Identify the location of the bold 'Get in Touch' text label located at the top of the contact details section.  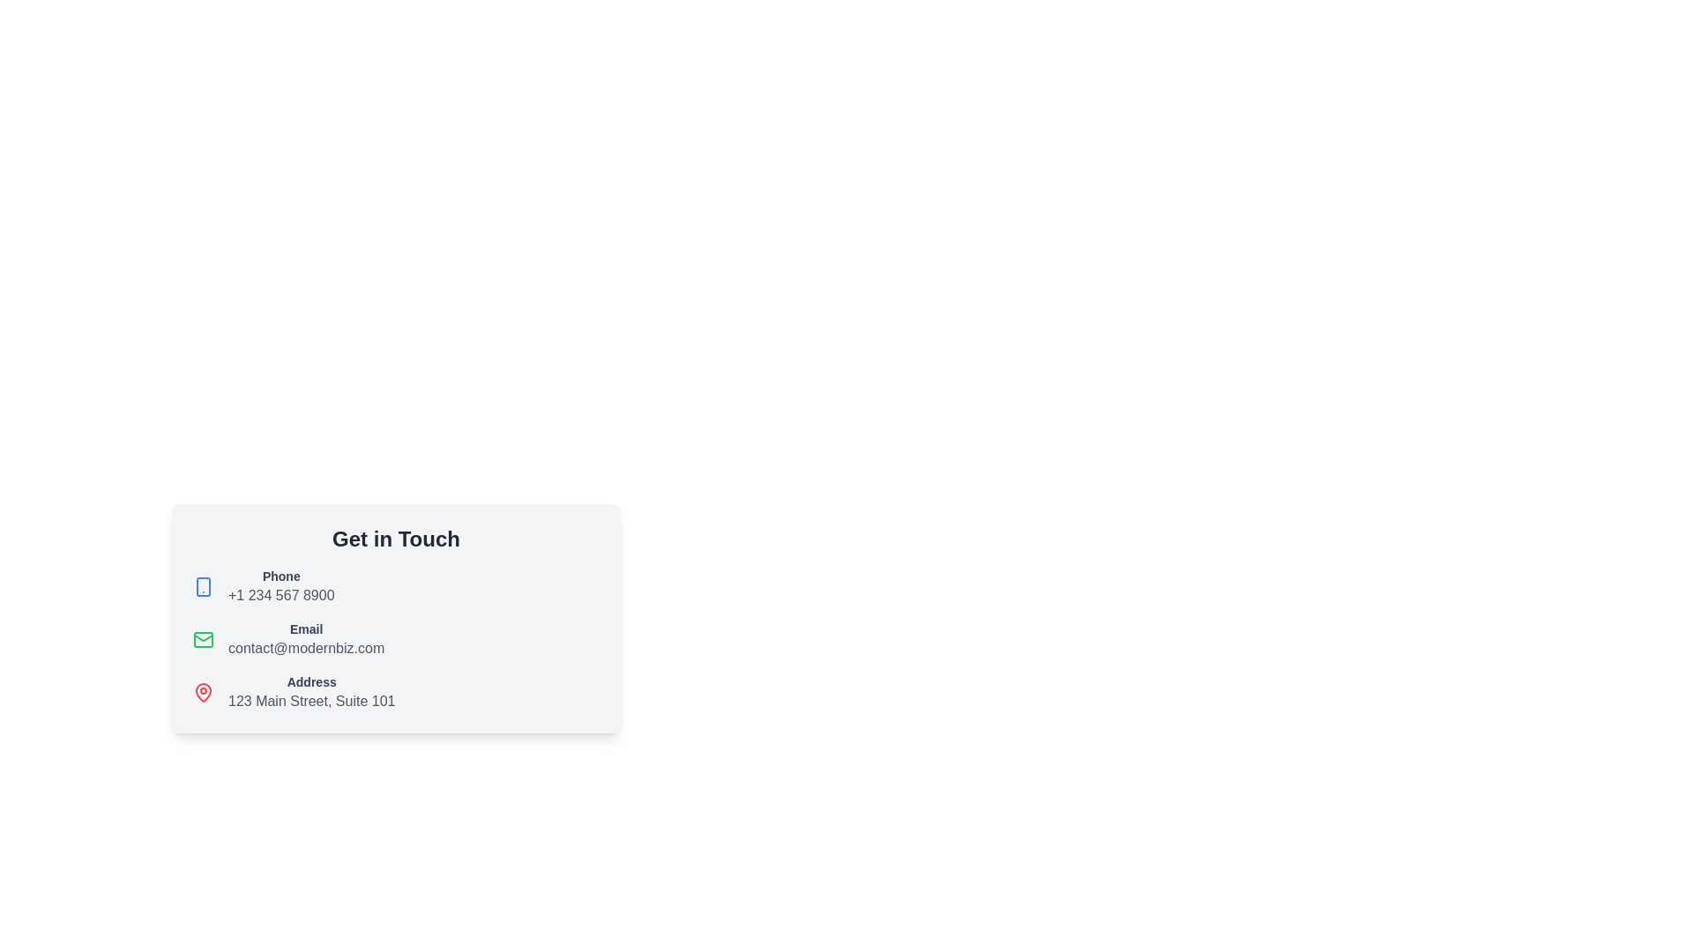
(395, 539).